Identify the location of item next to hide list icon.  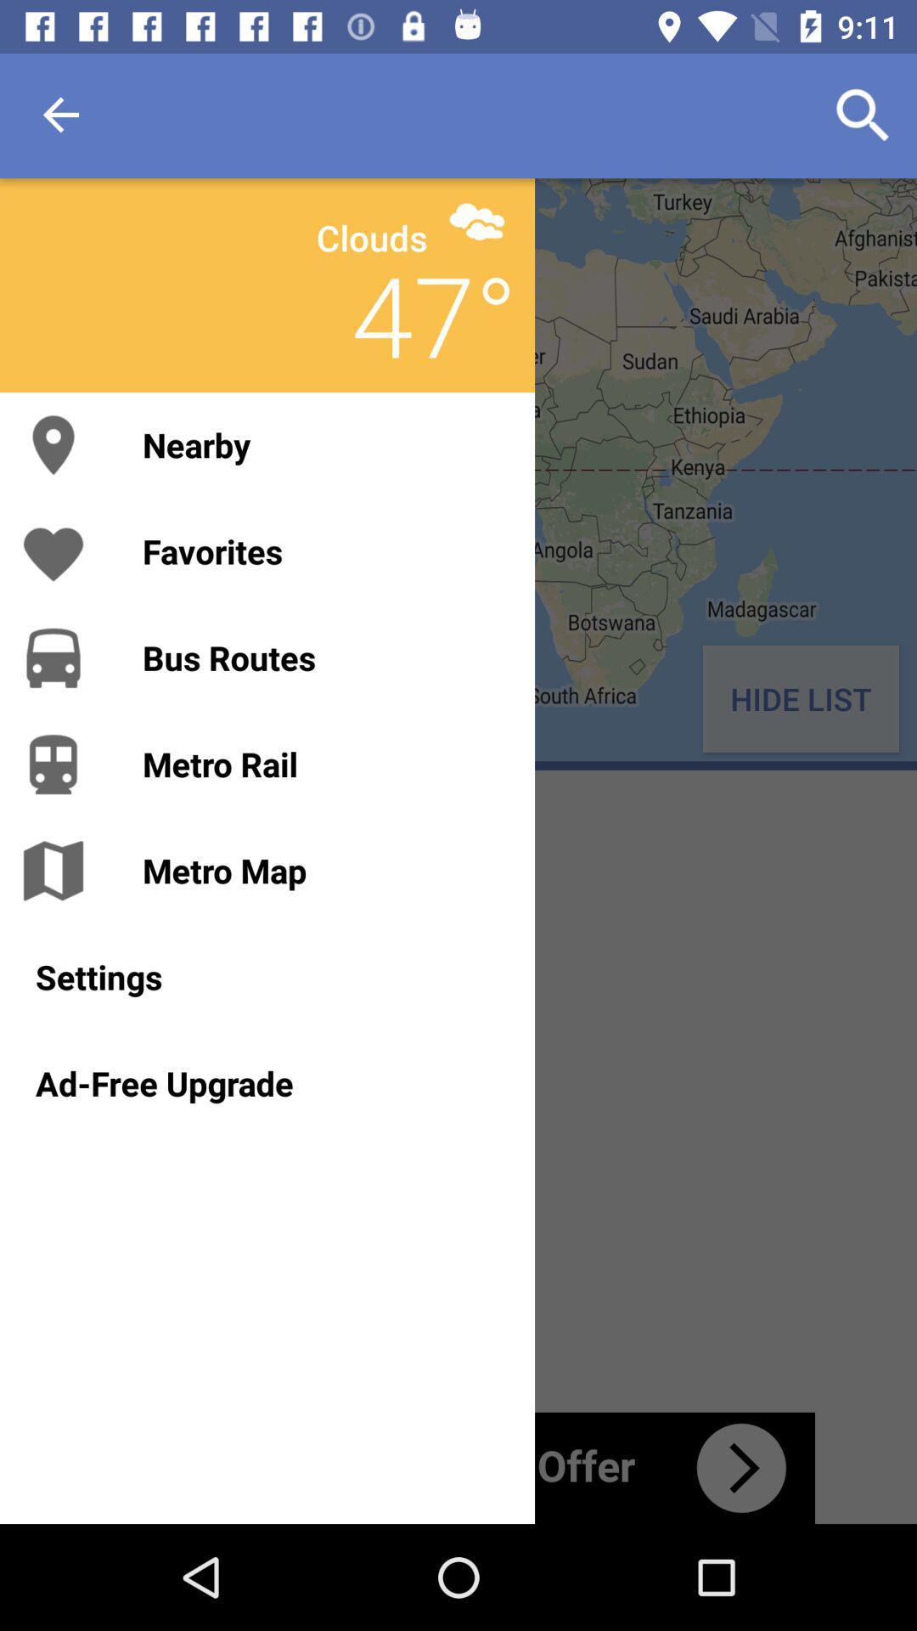
(321, 657).